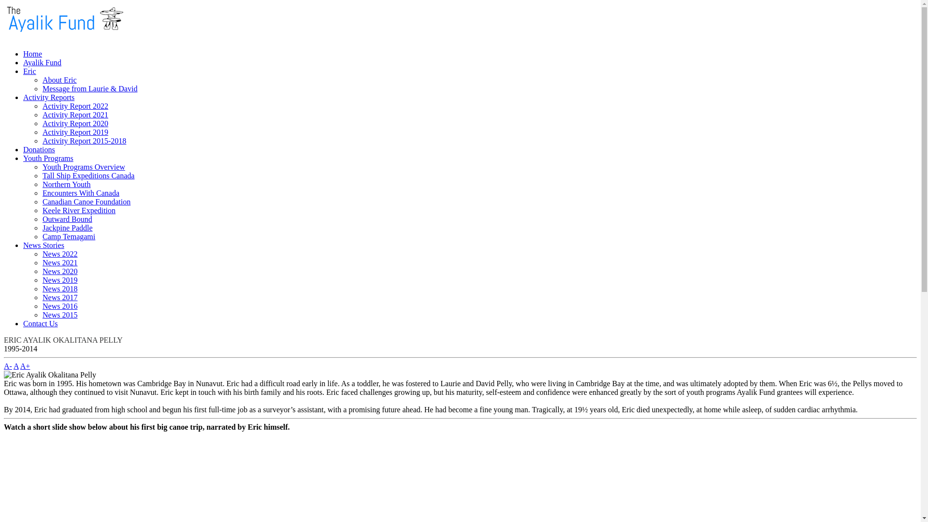 This screenshot has width=928, height=522. Describe the element at coordinates (42, 262) in the screenshot. I see `'News 2021'` at that location.